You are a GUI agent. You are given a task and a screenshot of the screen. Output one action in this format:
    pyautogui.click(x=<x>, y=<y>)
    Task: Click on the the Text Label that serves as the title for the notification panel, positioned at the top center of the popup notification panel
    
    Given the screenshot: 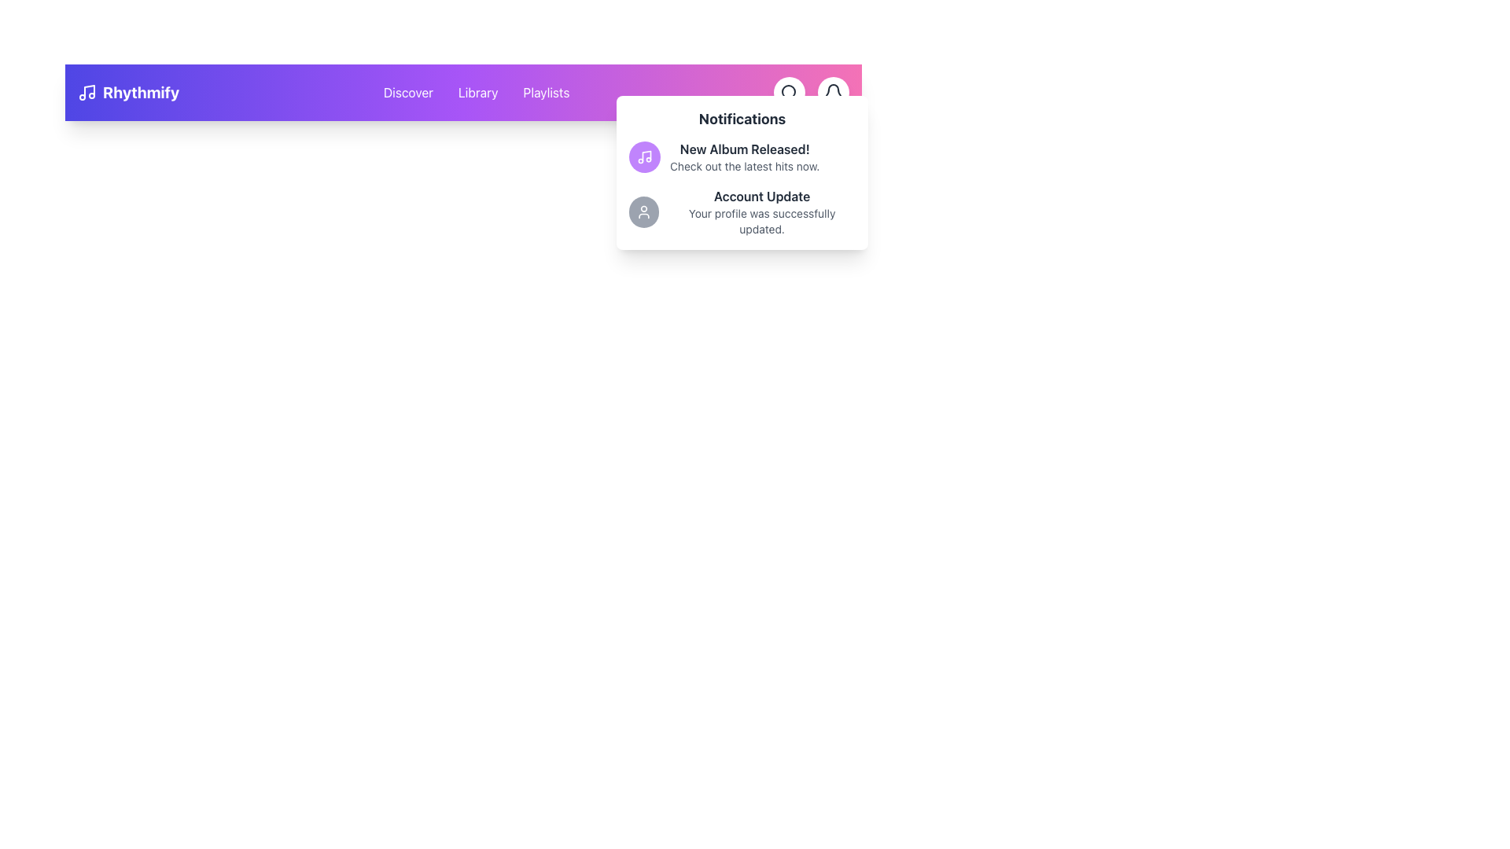 What is the action you would take?
    pyautogui.click(x=742, y=118)
    